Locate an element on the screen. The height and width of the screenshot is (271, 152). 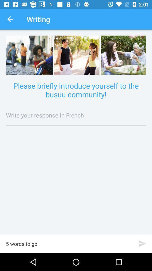
item below please briefly introduce icon is located at coordinates (76, 115).